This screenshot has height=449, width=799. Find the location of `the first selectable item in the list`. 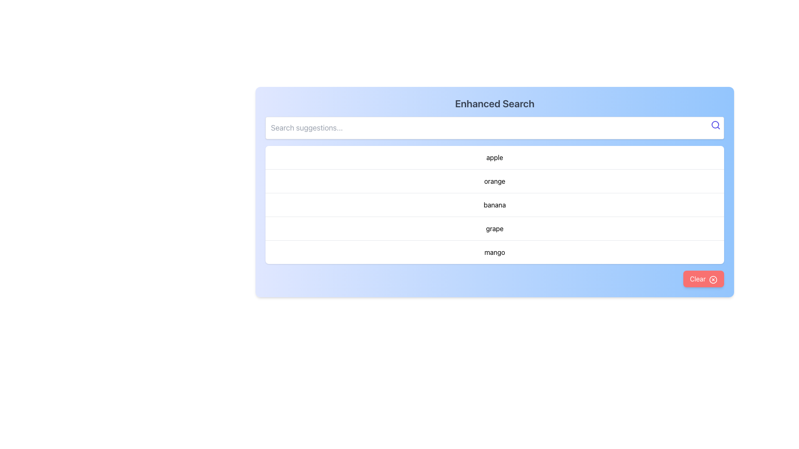

the first selectable item in the list is located at coordinates (495, 157).